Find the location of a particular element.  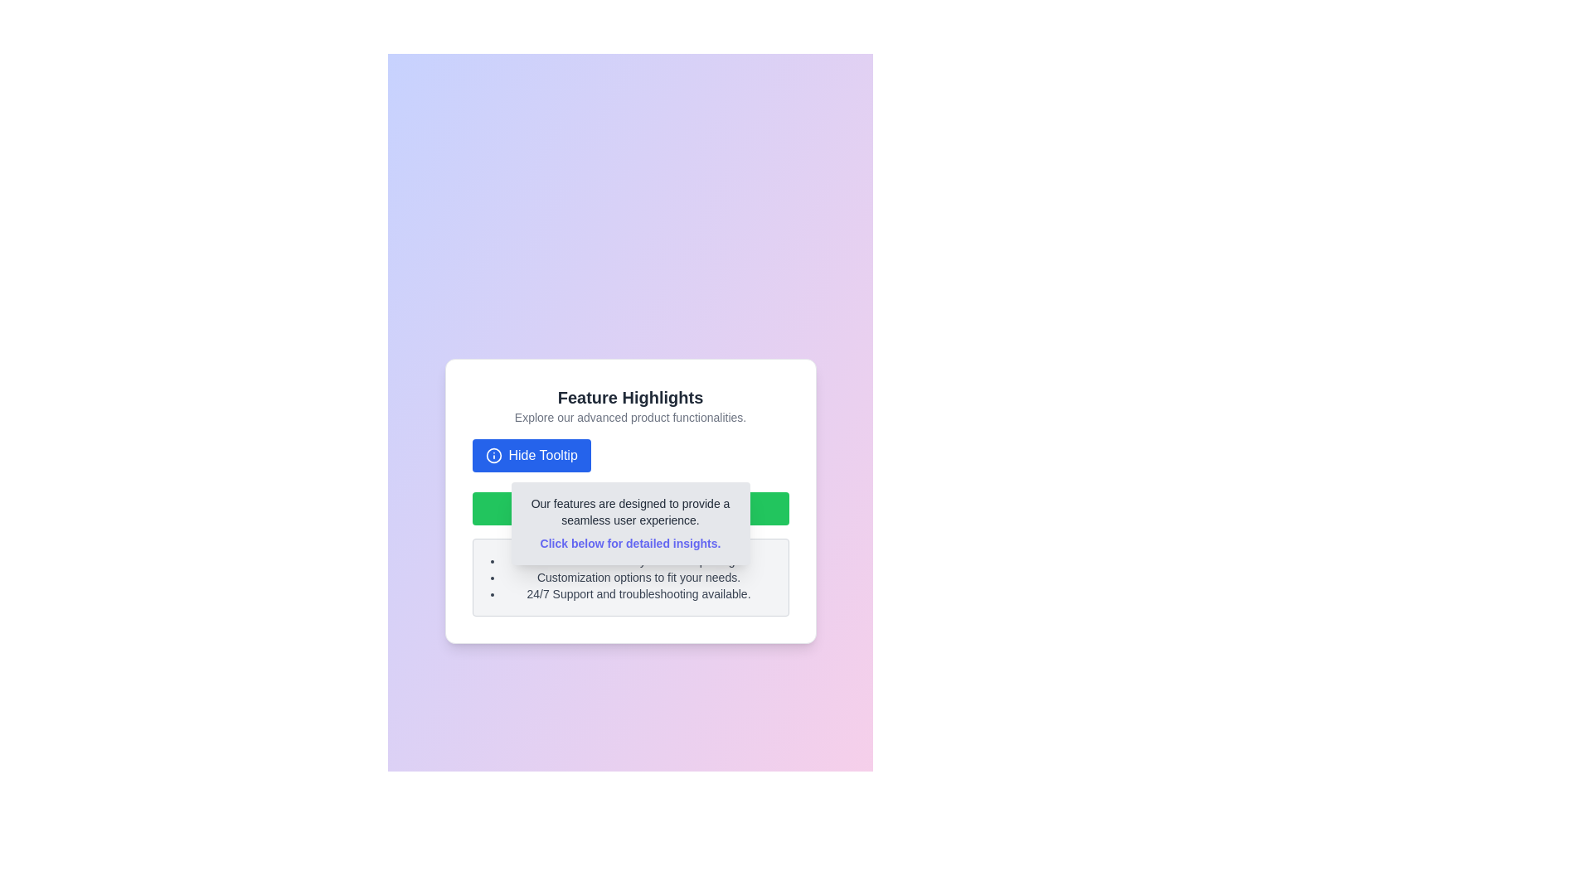

text list item displaying 'Customization options to fit your needs.' which is the second item in the list, located below 'Real-time data analytics and reporting.' and above '24/7 Support and troubleshooting available.' is located at coordinates (638, 577).